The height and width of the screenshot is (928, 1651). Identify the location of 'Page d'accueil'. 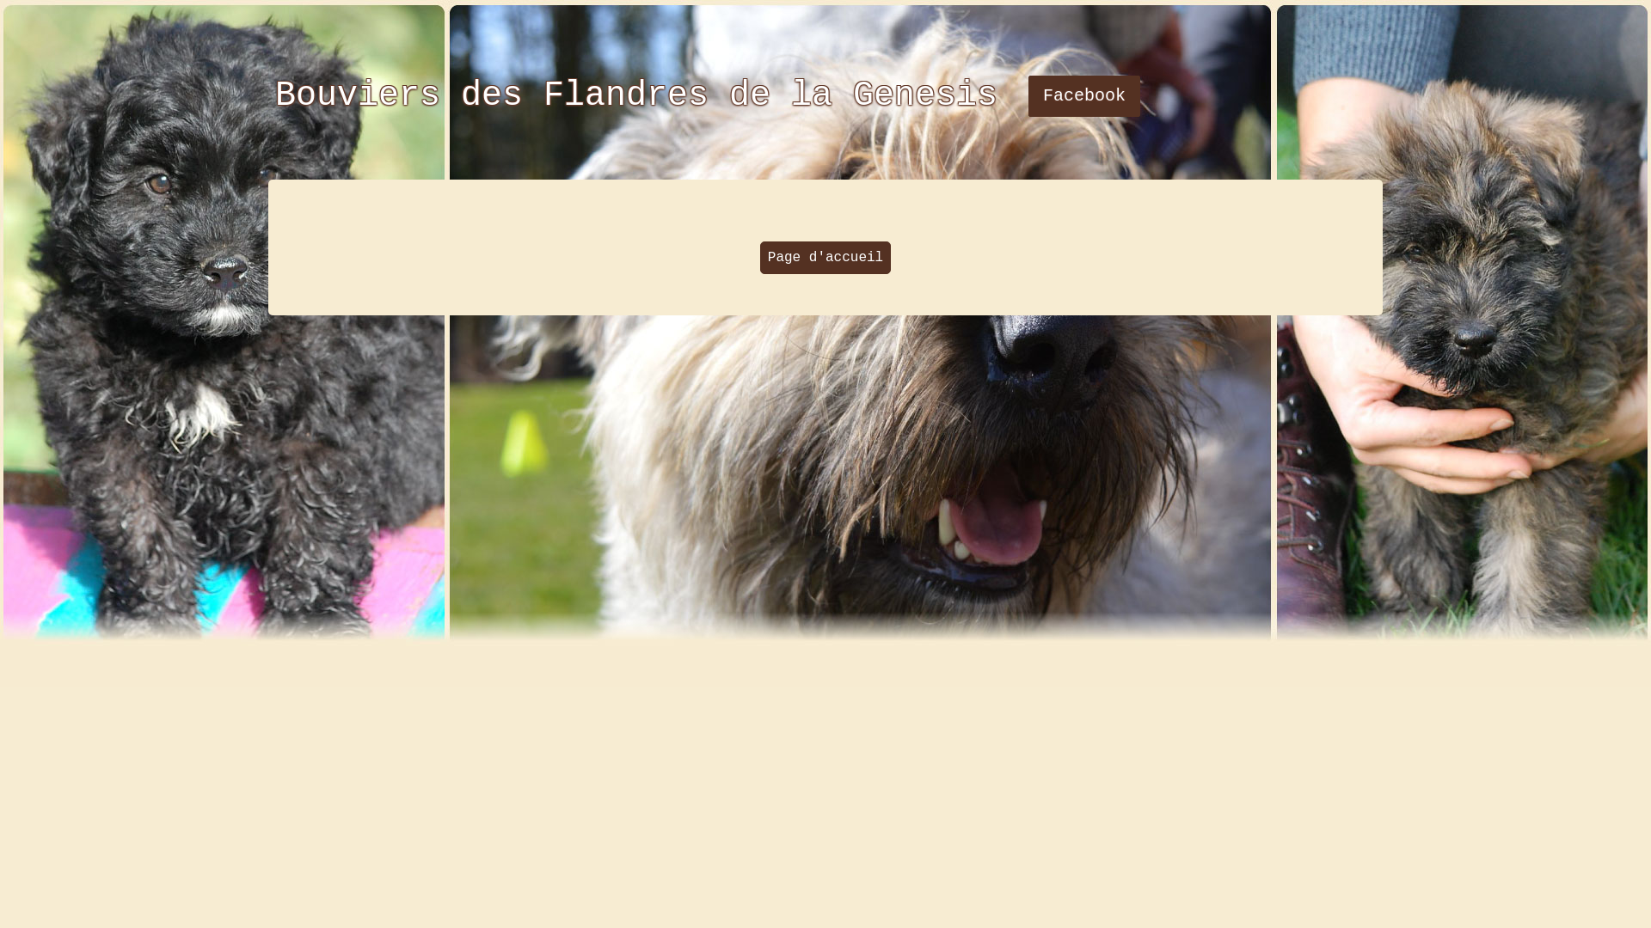
(825, 258).